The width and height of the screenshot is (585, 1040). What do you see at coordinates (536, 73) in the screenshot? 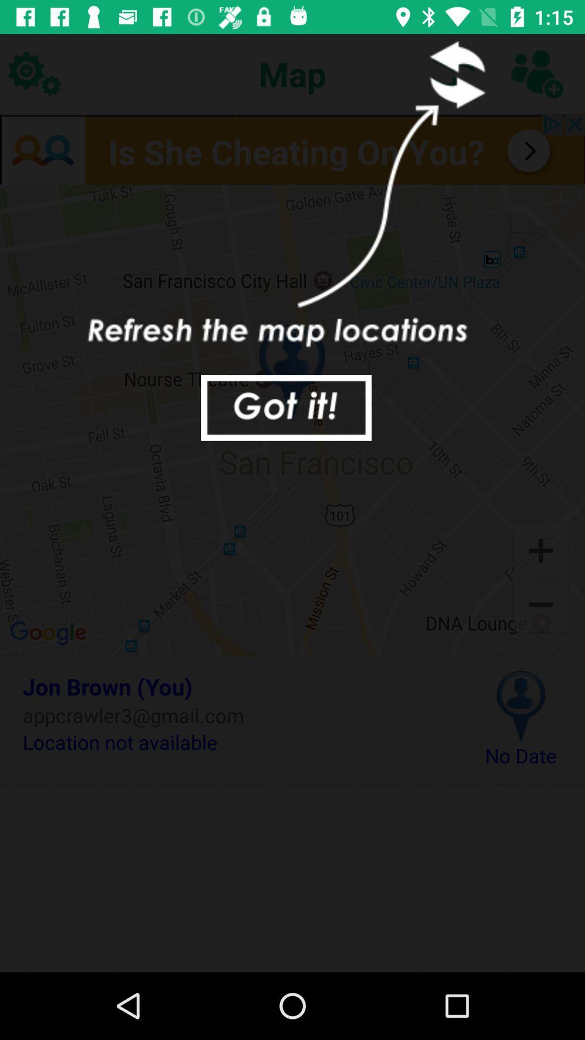
I see `refresh map locations` at bounding box center [536, 73].